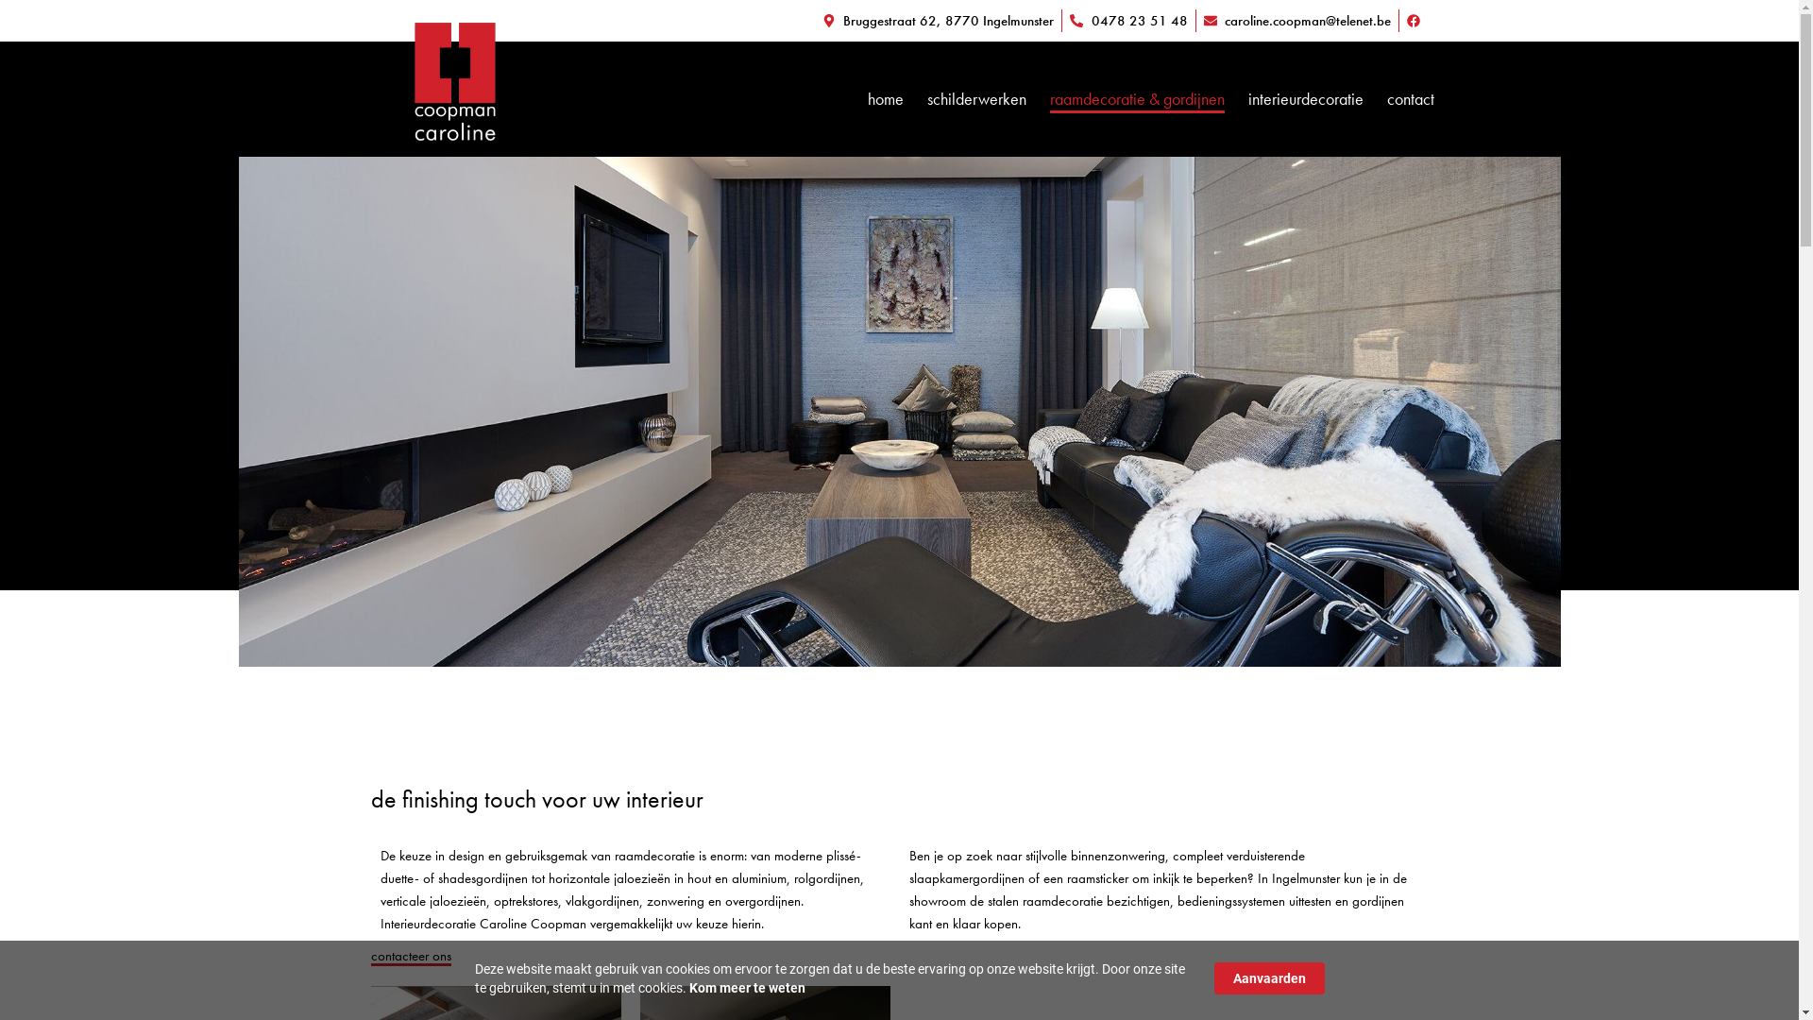 The image size is (1813, 1020). Describe the element at coordinates (1128, 21) in the screenshot. I see `'0478 23 51 48'` at that location.